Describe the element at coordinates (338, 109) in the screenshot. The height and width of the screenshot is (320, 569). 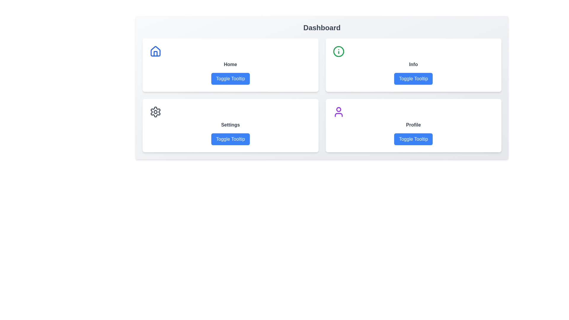
I see `the Circular SVG element that serves as part of the profile icon in the dashboard interface` at that location.